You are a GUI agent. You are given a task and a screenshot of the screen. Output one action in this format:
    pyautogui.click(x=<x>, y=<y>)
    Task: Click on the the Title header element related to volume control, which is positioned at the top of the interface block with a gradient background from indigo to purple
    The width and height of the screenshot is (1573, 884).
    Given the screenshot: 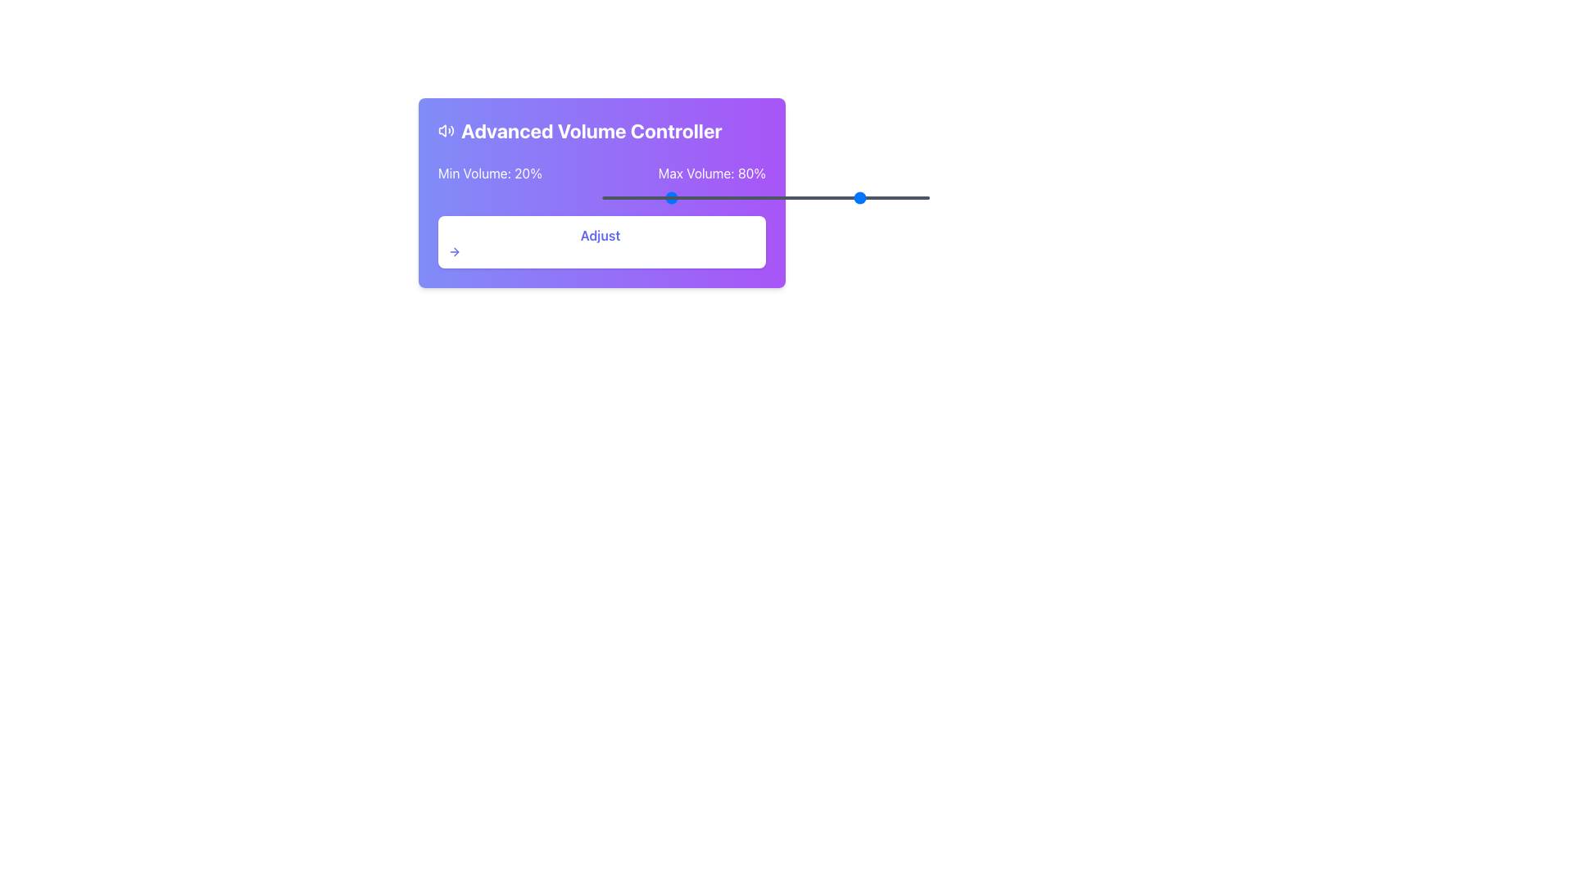 What is the action you would take?
    pyautogui.click(x=601, y=129)
    